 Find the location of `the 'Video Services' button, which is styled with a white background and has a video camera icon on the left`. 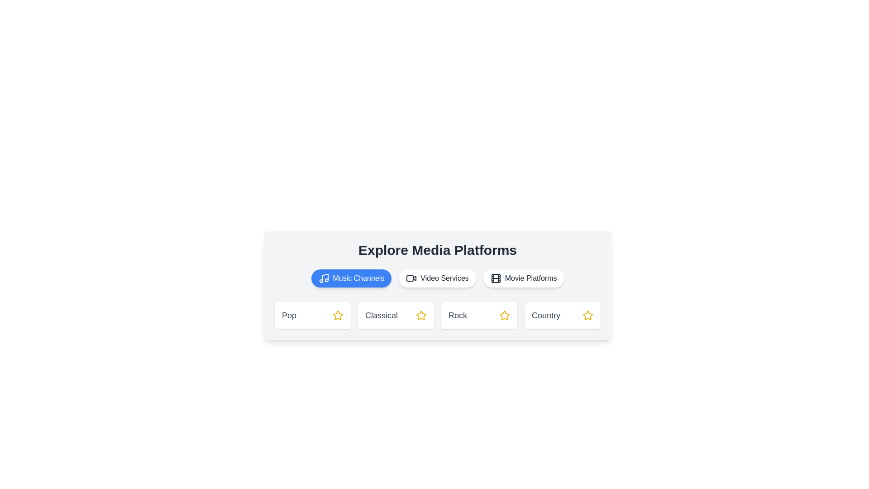

the 'Video Services' button, which is styled with a white background and has a video camera icon on the left is located at coordinates (437, 278).